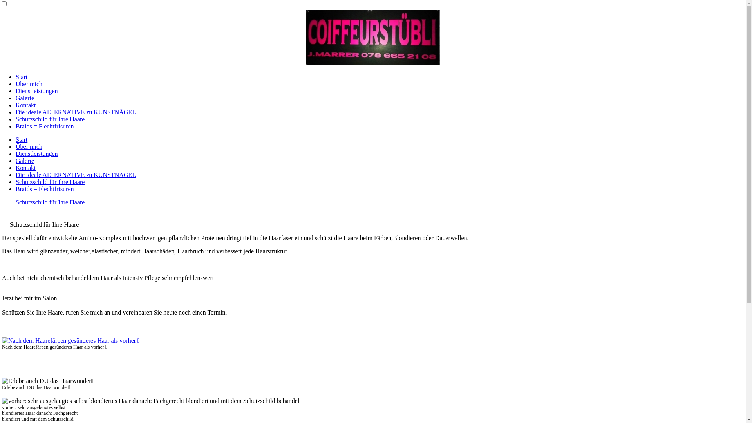  What do you see at coordinates (26, 167) in the screenshot?
I see `'Kontakt'` at bounding box center [26, 167].